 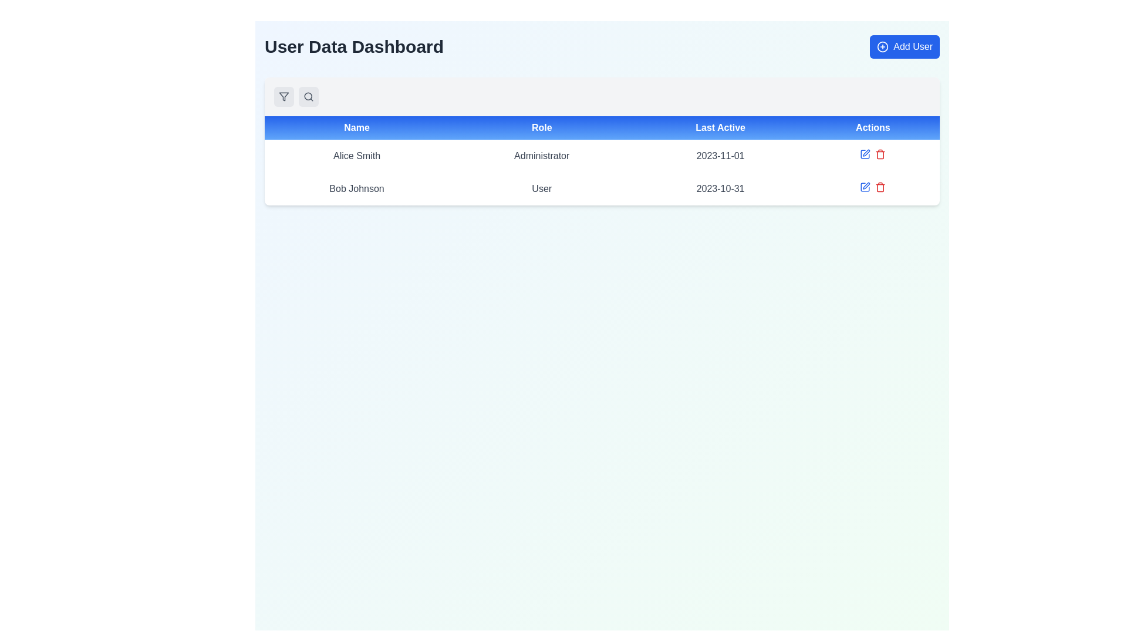 I want to click on the blue rectangular label containing the text 'Actions', which is the rightmost label in a header row of a structured table, so click(x=873, y=128).